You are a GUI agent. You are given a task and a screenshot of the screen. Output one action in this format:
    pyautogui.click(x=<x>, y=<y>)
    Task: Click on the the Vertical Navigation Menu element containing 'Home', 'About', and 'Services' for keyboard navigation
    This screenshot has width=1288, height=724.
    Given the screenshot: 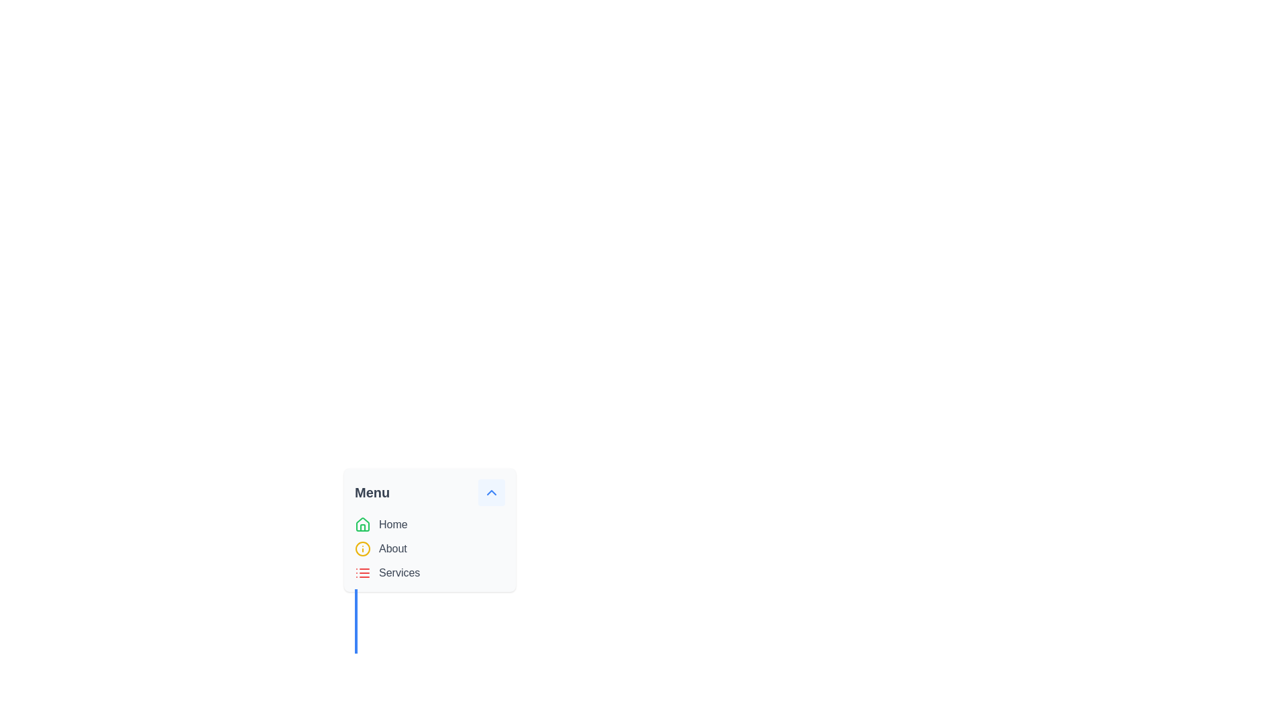 What is the action you would take?
    pyautogui.click(x=430, y=548)
    